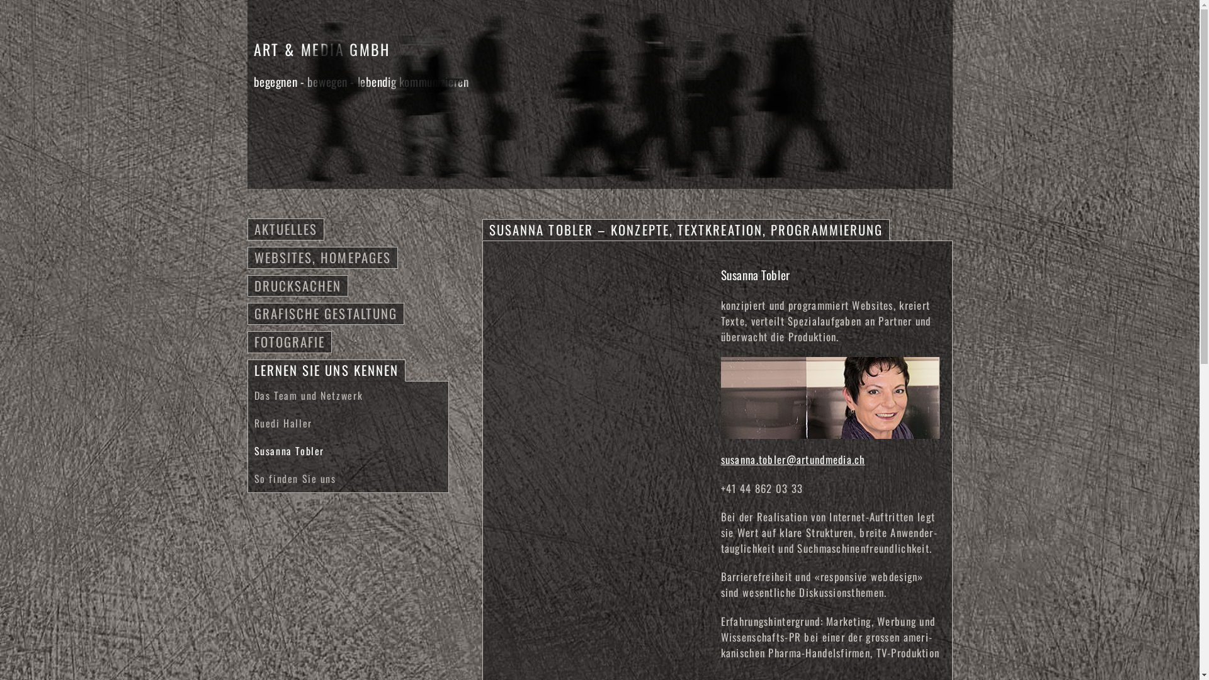 The height and width of the screenshot is (680, 1209). What do you see at coordinates (309, 395) in the screenshot?
I see `'Das Team und Netzwerk'` at bounding box center [309, 395].